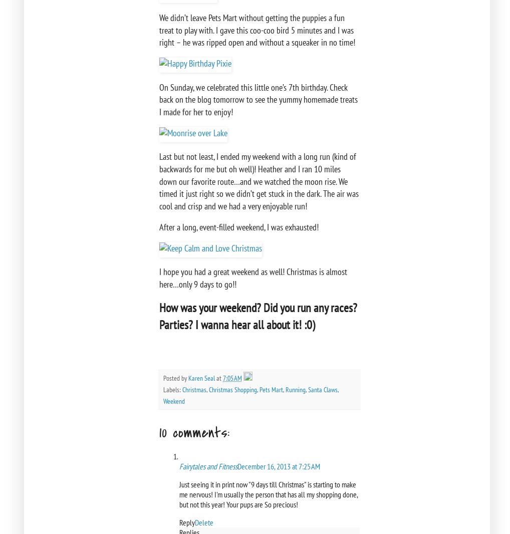 Image resolution: width=510 pixels, height=534 pixels. I want to click on 'I hope you had a great weekend as well! Christmas is almost here…only 9 days to go!!', so click(253, 277).